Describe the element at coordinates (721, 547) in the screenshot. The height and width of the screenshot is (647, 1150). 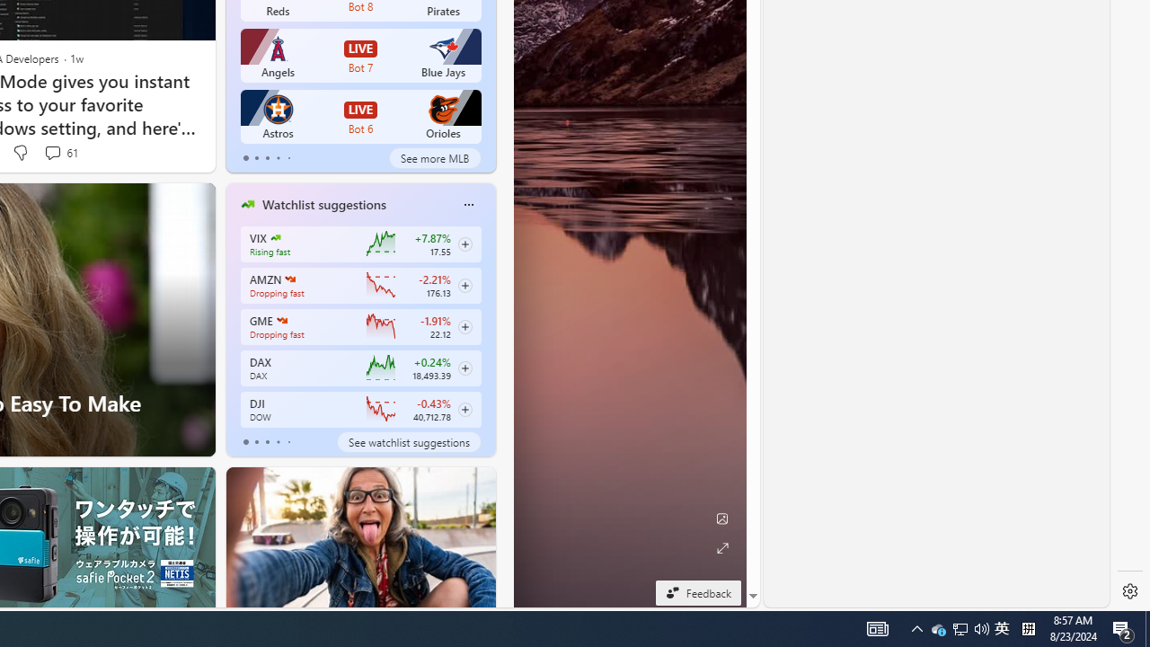
I see `'Expand background'` at that location.